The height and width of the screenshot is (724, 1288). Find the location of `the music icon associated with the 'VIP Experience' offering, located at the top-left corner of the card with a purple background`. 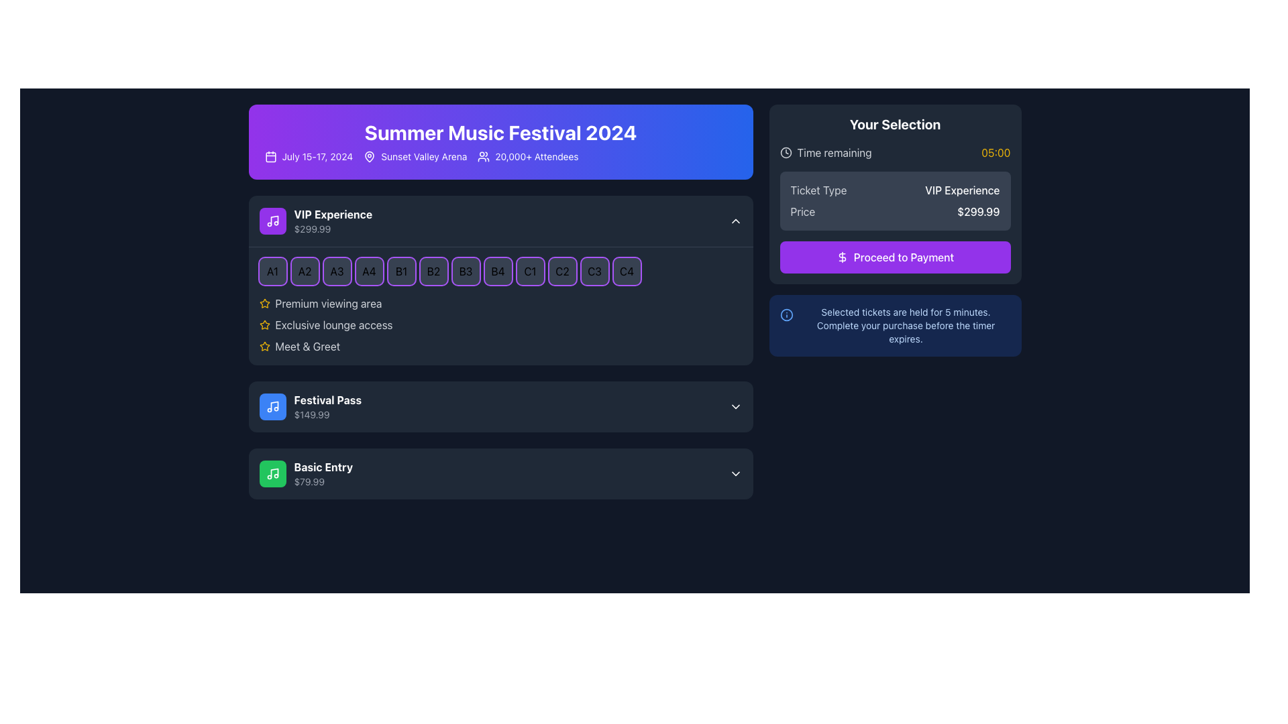

the music icon associated with the 'VIP Experience' offering, located at the top-left corner of the card with a purple background is located at coordinates (272, 221).